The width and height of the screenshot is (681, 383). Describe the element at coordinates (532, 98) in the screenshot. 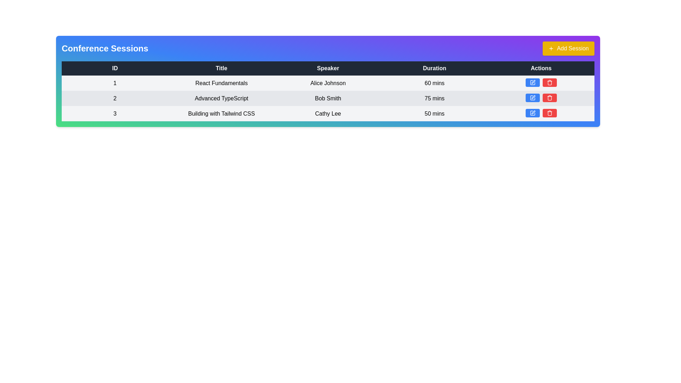

I see `the leftmost button in the Actions column of the second row in the conference sessions table to trigger a tooltip or visual feedback` at that location.